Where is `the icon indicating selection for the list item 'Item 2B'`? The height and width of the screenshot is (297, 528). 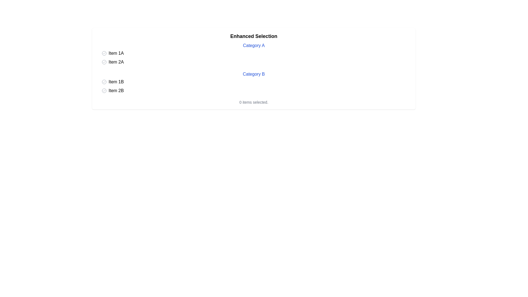 the icon indicating selection for the list item 'Item 2B' is located at coordinates (104, 90).